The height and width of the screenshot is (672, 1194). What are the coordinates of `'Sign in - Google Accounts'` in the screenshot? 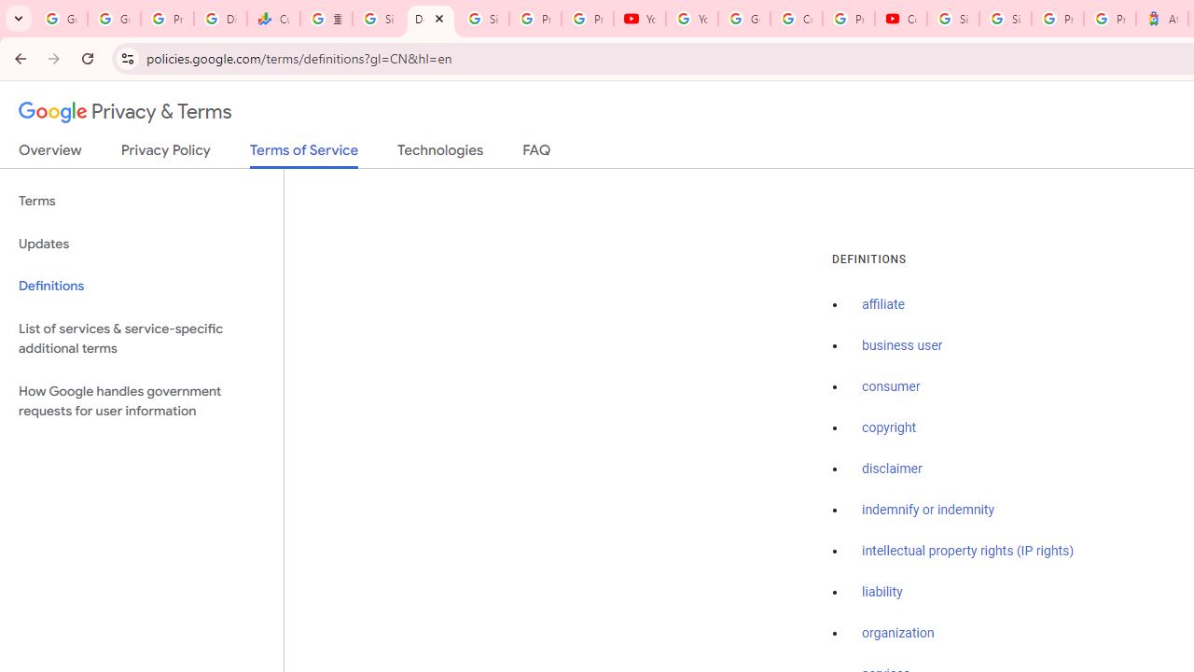 It's located at (377, 19).